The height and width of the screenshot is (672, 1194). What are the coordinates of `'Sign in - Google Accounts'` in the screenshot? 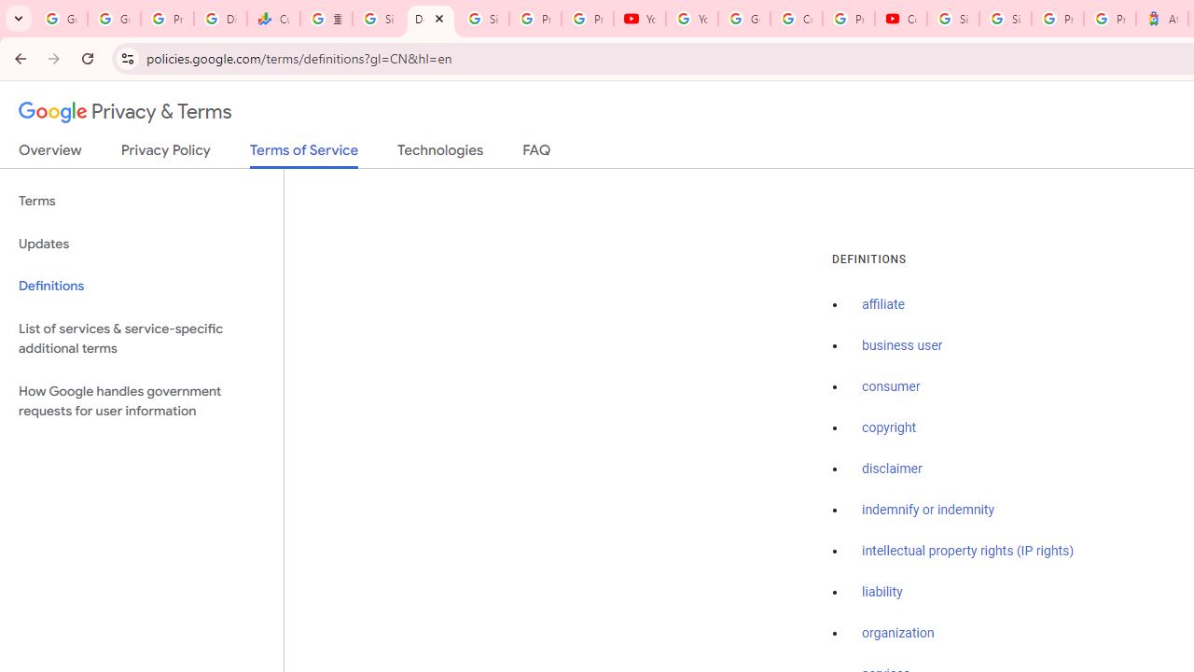 It's located at (377, 19).